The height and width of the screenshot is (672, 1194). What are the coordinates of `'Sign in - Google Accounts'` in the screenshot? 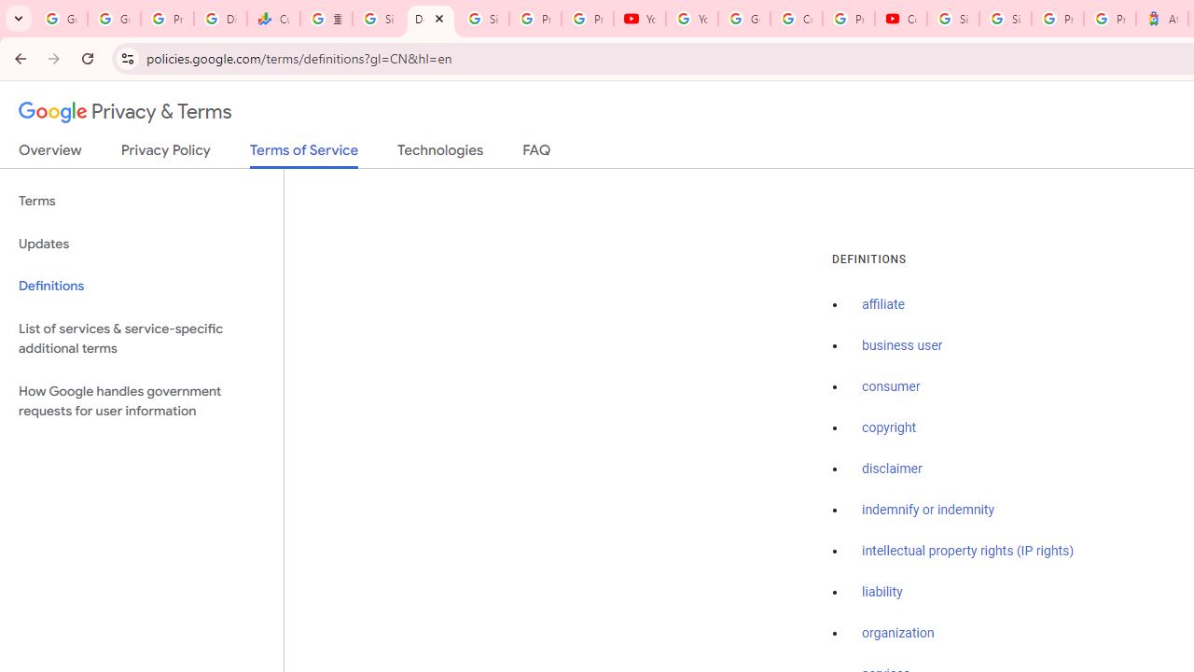 It's located at (377, 19).